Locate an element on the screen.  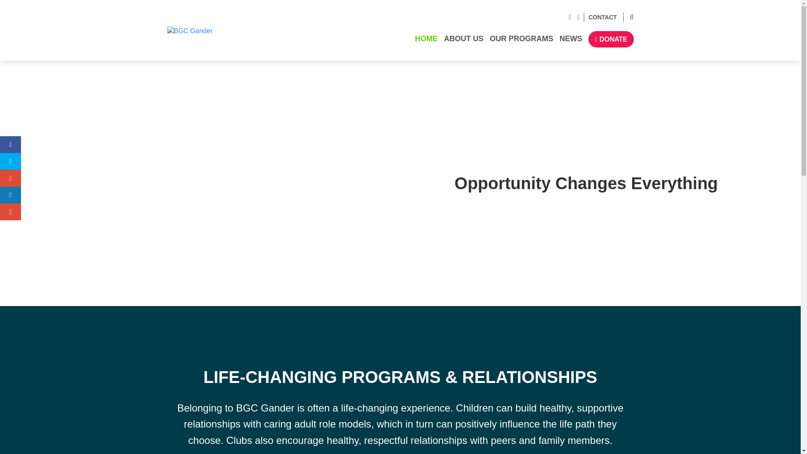
'NEWS' is located at coordinates (571, 42).